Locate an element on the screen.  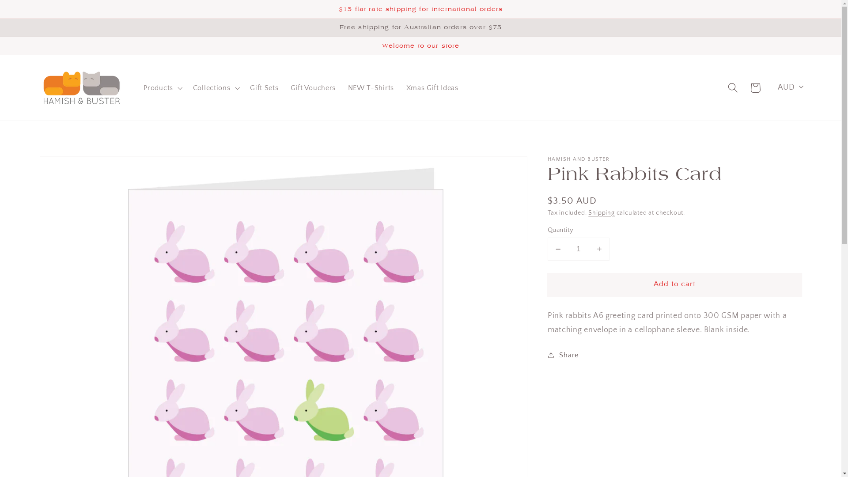
'NEW T-Shirts' is located at coordinates (371, 88).